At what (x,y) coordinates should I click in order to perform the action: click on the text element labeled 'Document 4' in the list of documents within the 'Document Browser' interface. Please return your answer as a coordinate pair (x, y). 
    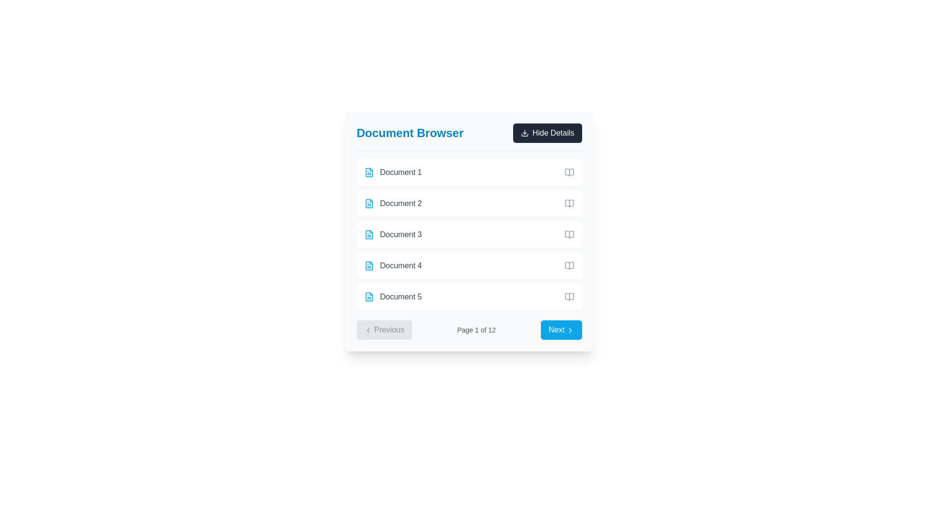
    Looking at the image, I should click on (401, 266).